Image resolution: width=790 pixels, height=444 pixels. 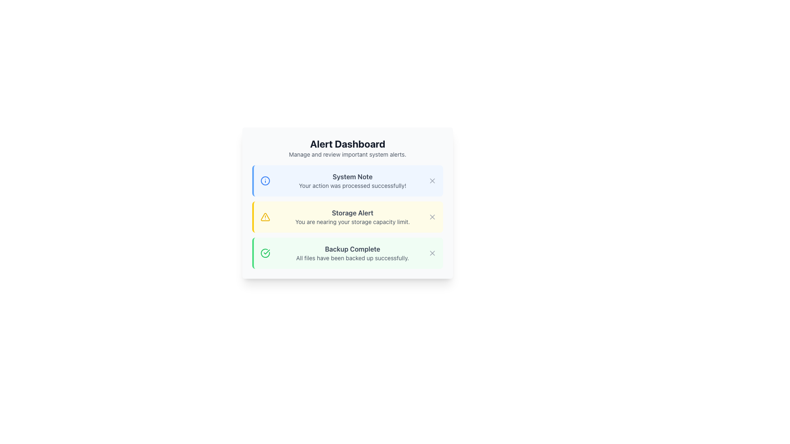 What do you see at coordinates (353, 180) in the screenshot?
I see `message displayed in the text content that says 'System Note' and 'Your action was processed successfully!' which is centrally located within the blue-highlighted notification box` at bounding box center [353, 180].